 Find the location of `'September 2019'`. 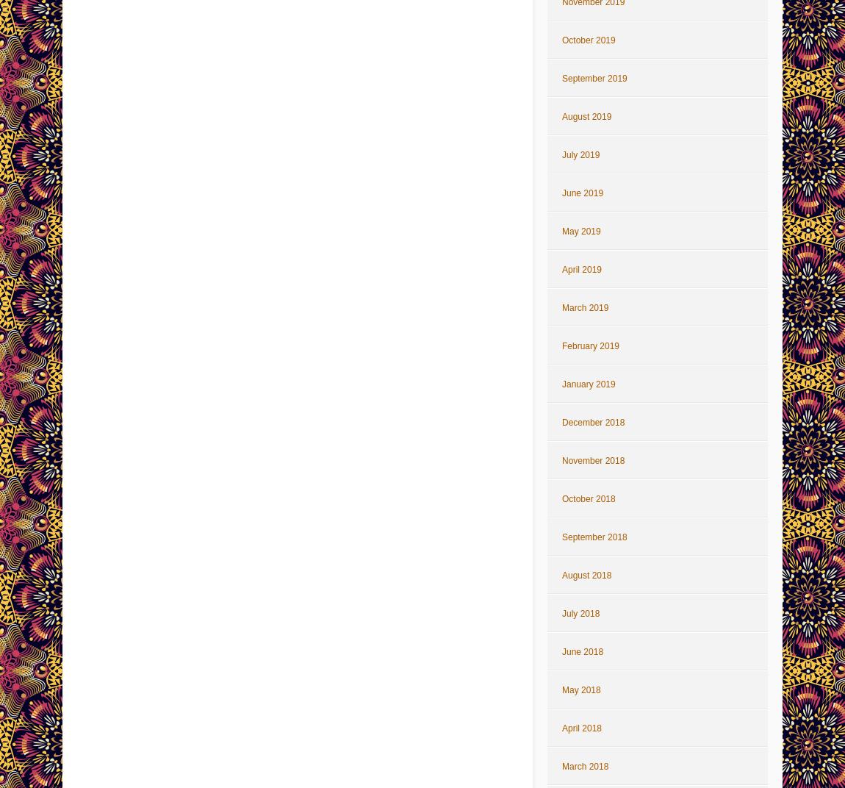

'September 2019' is located at coordinates (594, 78).